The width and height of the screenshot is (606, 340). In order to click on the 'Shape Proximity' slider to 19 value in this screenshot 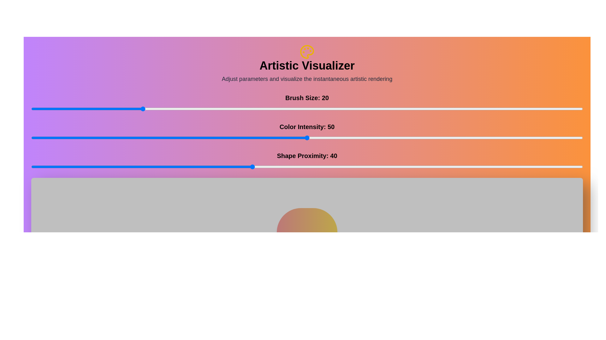, I will do `click(136, 166)`.